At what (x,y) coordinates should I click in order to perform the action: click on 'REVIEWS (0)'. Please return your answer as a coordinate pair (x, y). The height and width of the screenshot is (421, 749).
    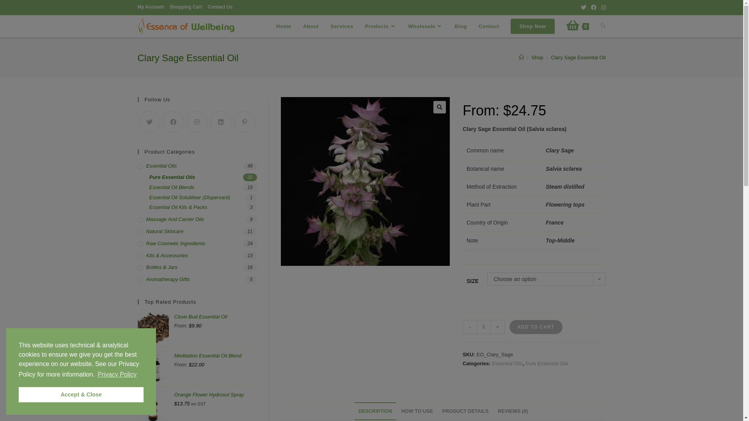
    Looking at the image, I should click on (513, 411).